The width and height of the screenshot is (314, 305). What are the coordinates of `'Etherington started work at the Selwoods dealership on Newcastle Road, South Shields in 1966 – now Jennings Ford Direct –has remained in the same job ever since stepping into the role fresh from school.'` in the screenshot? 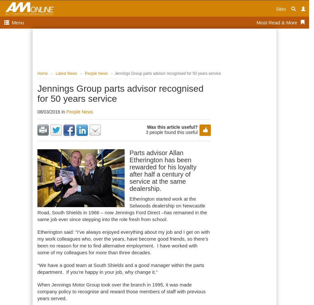 It's located at (122, 208).